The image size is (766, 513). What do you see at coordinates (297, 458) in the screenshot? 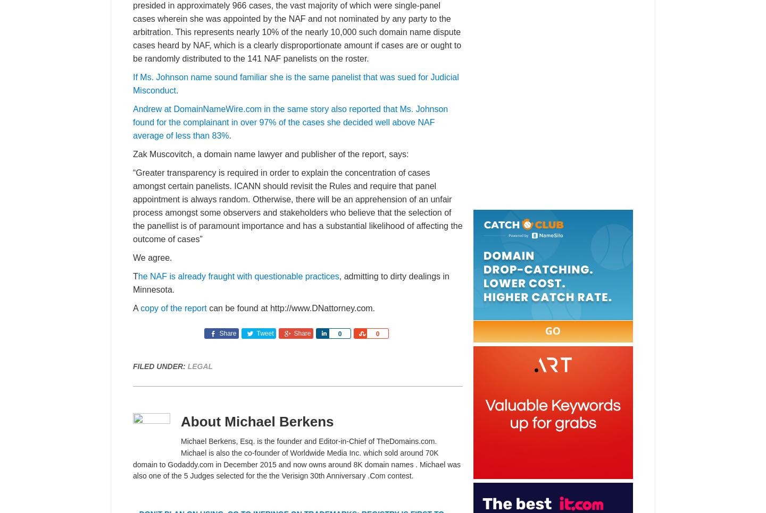
I see `'Michael Berkens, Esq. is the founder and Editor-in-Chief of TheDomains.com.  Michael is also the co-founder of Worldwide Media Inc. which sold around 70K domain to Godaddy.com in December 2015 and now owns around 8K domain names . Michael was also one of the 5 Judges selected for the  the Verisign 30th Anniversary .Com contest.'` at bounding box center [297, 458].